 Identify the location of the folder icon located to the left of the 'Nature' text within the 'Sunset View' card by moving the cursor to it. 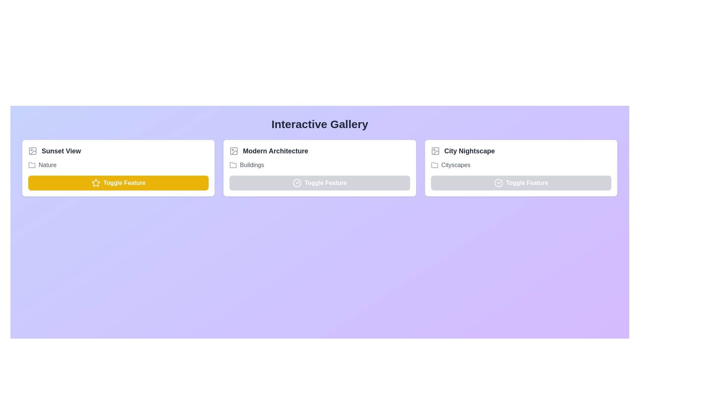
(32, 164).